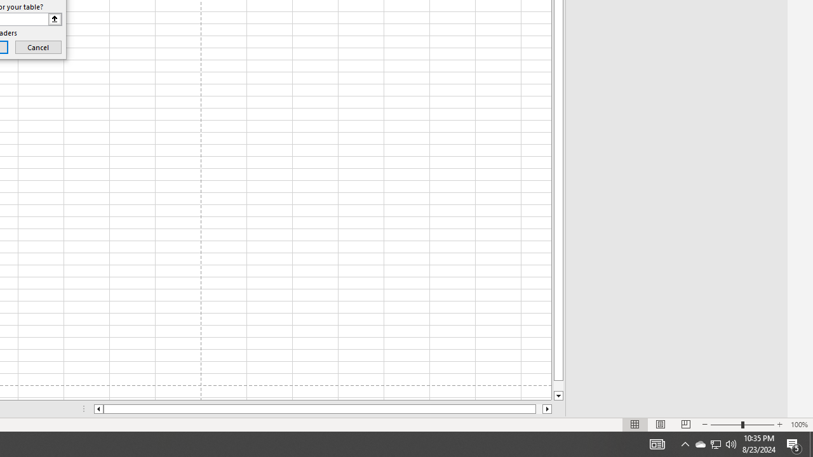  What do you see at coordinates (779, 425) in the screenshot?
I see `'Zoom In'` at bounding box center [779, 425].